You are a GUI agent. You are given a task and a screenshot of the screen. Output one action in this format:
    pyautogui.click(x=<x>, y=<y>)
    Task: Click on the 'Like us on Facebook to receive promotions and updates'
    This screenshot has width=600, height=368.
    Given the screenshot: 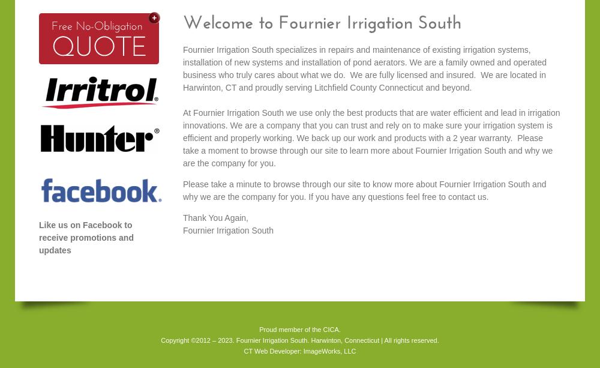 What is the action you would take?
    pyautogui.click(x=86, y=237)
    